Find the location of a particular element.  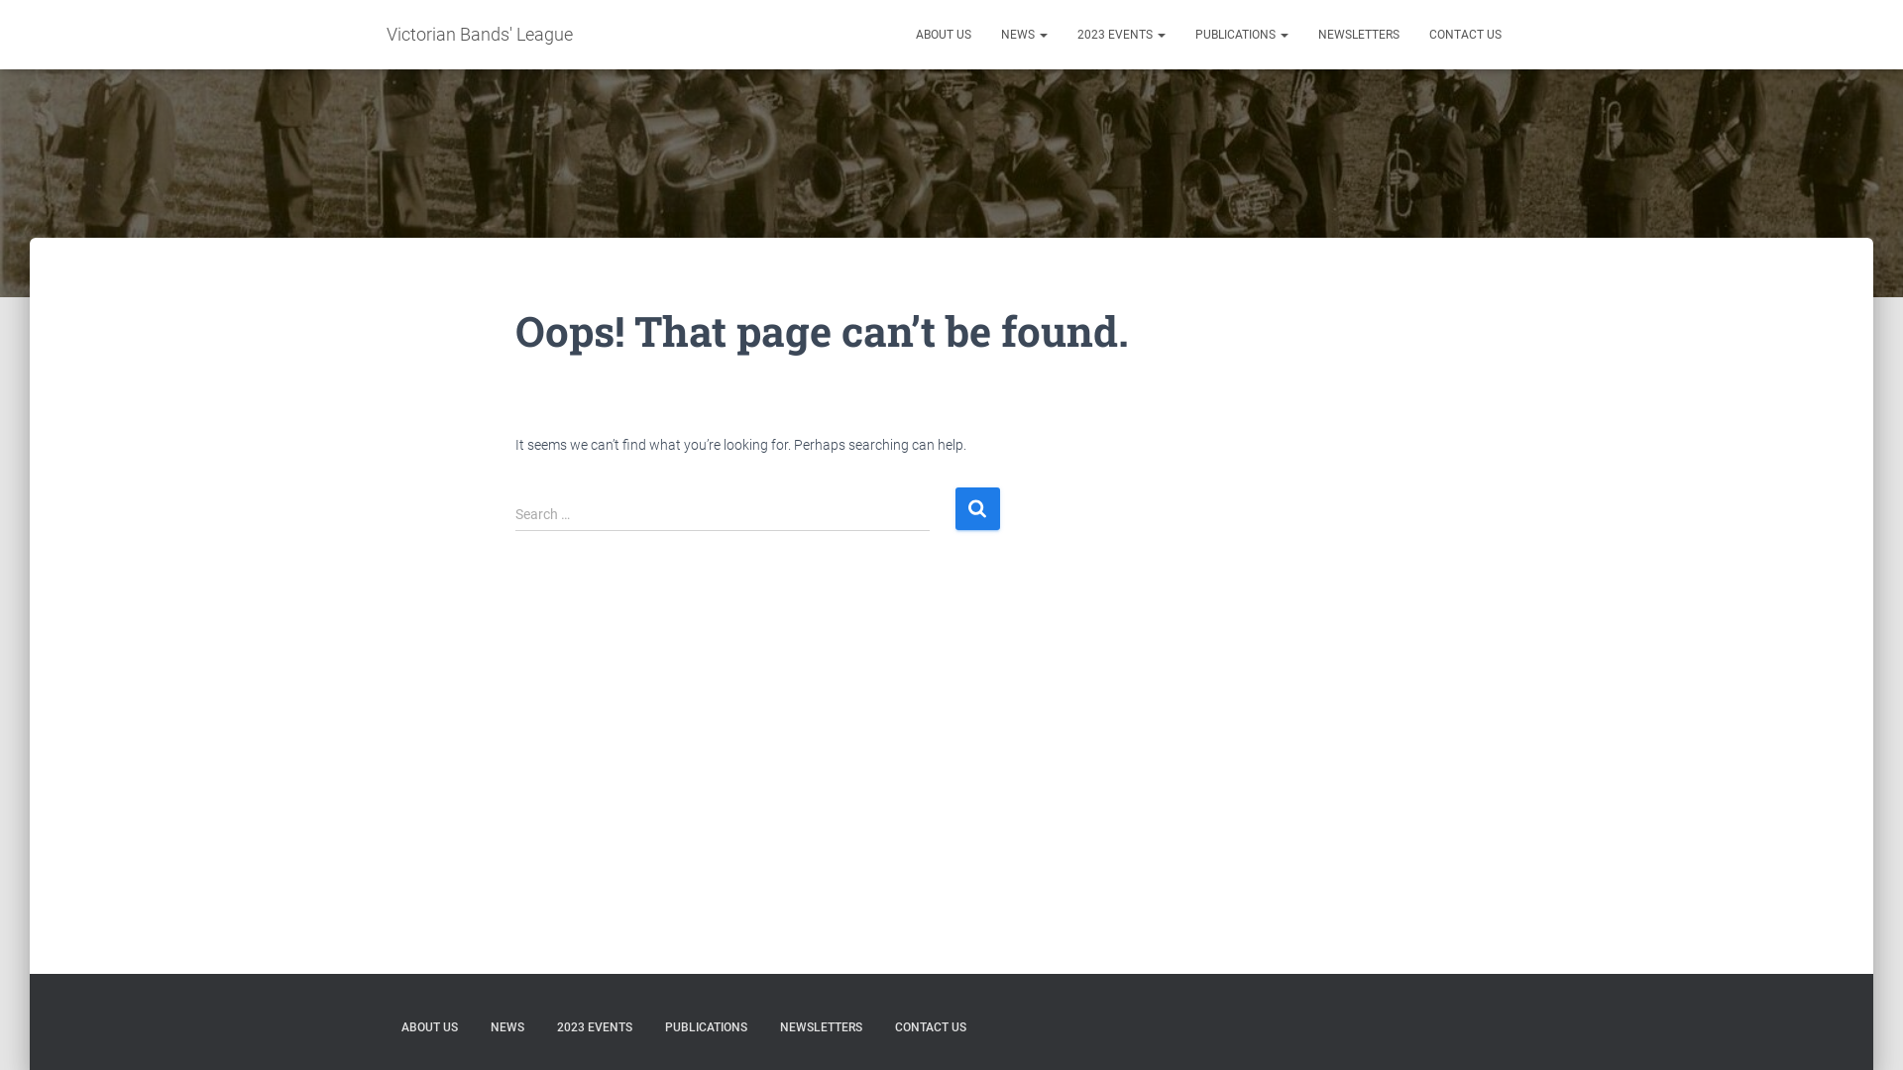

'2023 EVENTS' is located at coordinates (594, 1026).